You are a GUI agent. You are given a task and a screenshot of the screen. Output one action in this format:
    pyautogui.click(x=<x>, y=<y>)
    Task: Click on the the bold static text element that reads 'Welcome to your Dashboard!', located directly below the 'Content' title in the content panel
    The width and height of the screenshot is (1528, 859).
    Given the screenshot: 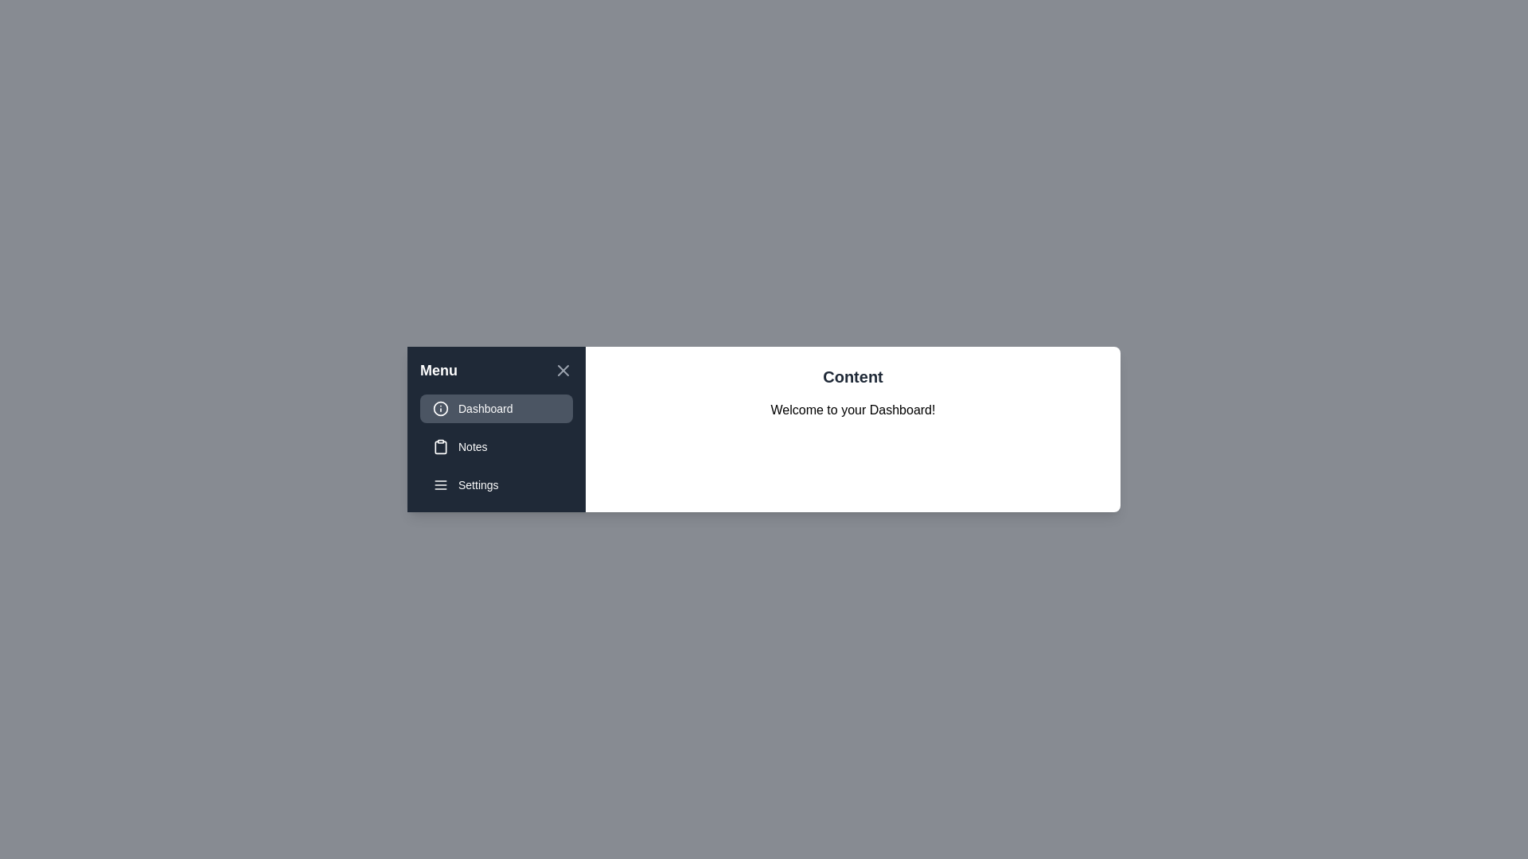 What is the action you would take?
    pyautogui.click(x=852, y=410)
    